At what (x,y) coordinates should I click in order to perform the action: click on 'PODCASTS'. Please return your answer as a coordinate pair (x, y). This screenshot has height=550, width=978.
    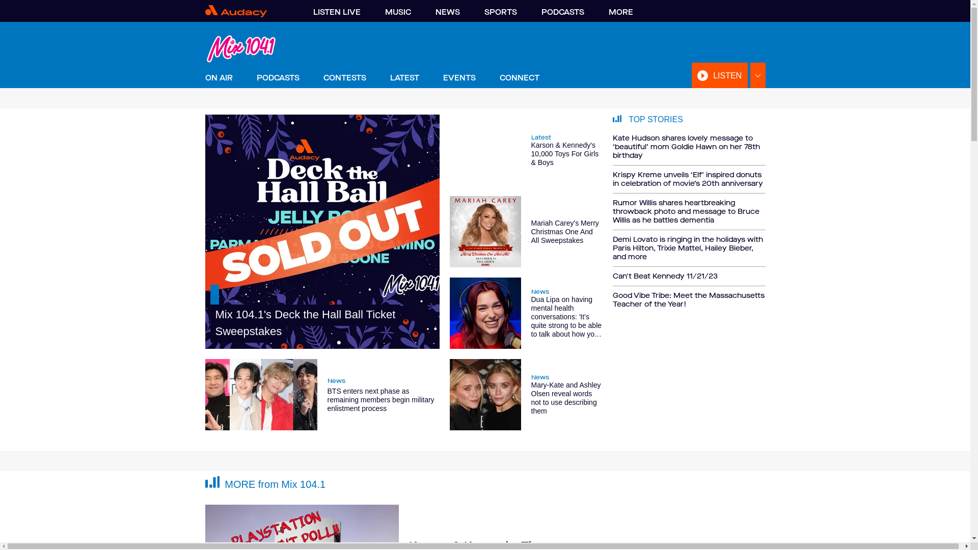
    Looking at the image, I should click on (562, 12).